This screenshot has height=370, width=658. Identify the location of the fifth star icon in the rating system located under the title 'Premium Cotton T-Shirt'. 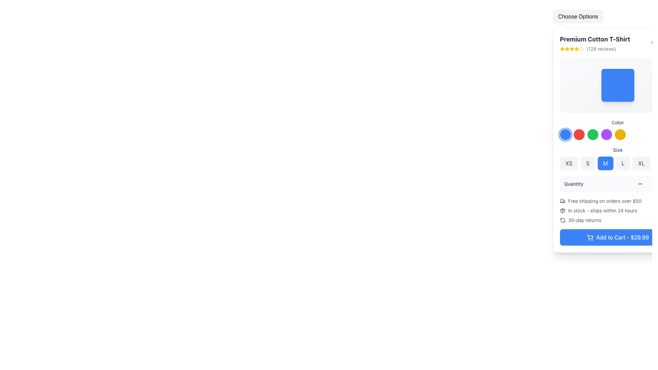
(581, 48).